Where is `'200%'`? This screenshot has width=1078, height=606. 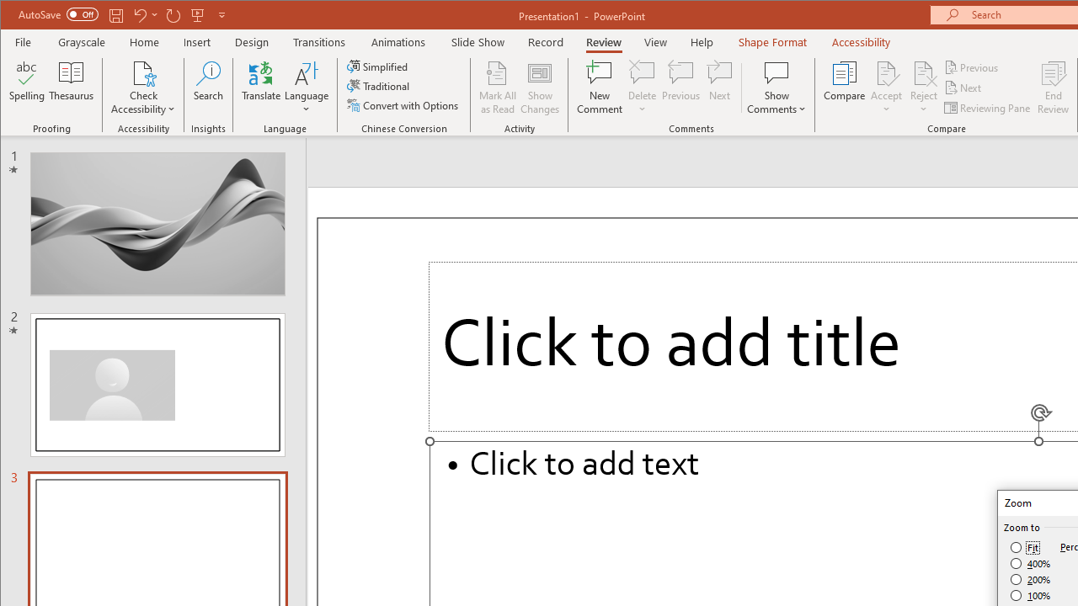
'200%' is located at coordinates (1030, 579).